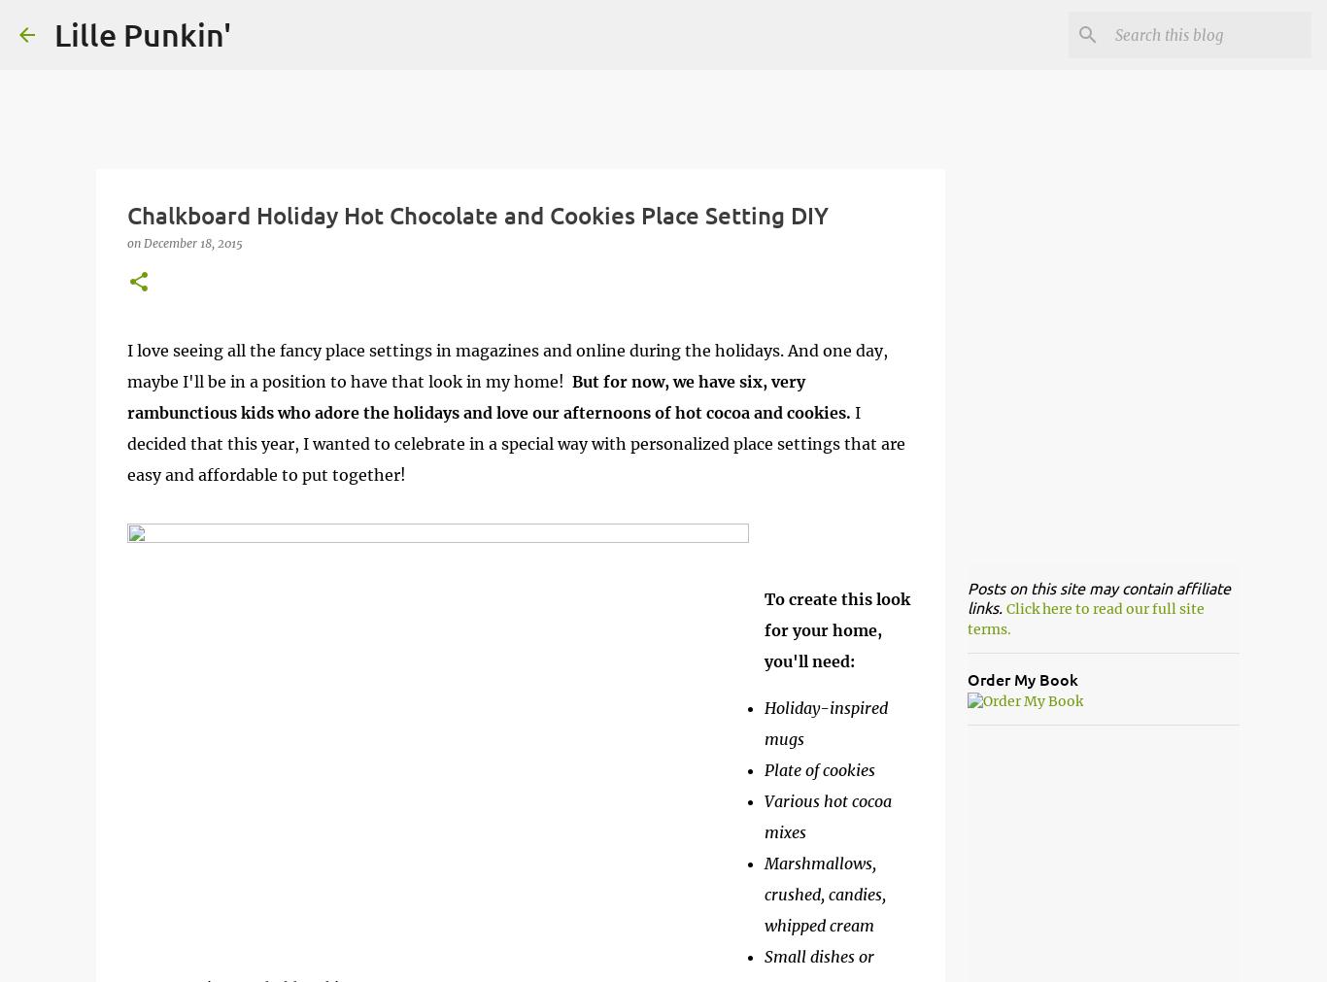 This screenshot has width=1327, height=982. I want to click on 'Holiday-inspired mugs', so click(824, 723).